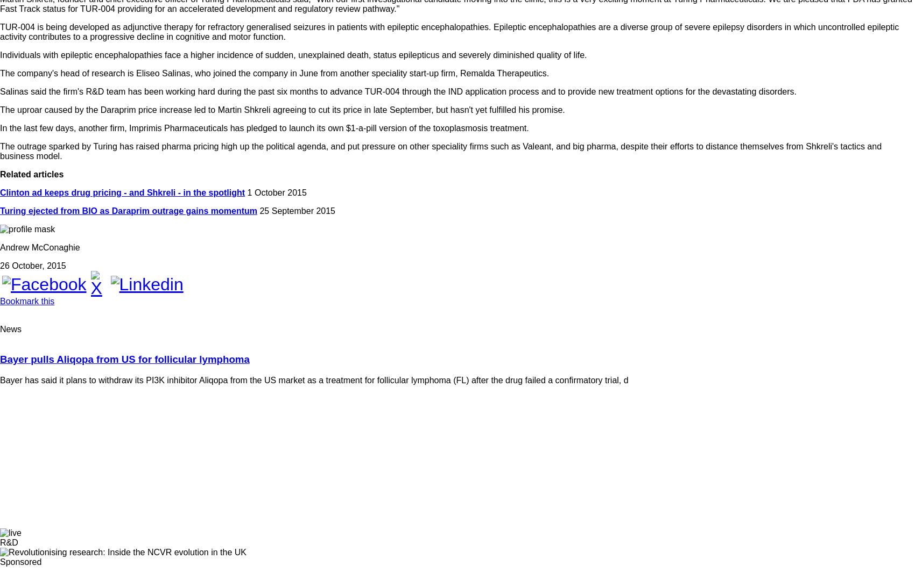 The height and width of the screenshot is (573, 915). What do you see at coordinates (276, 192) in the screenshot?
I see `'1 October 2015'` at bounding box center [276, 192].